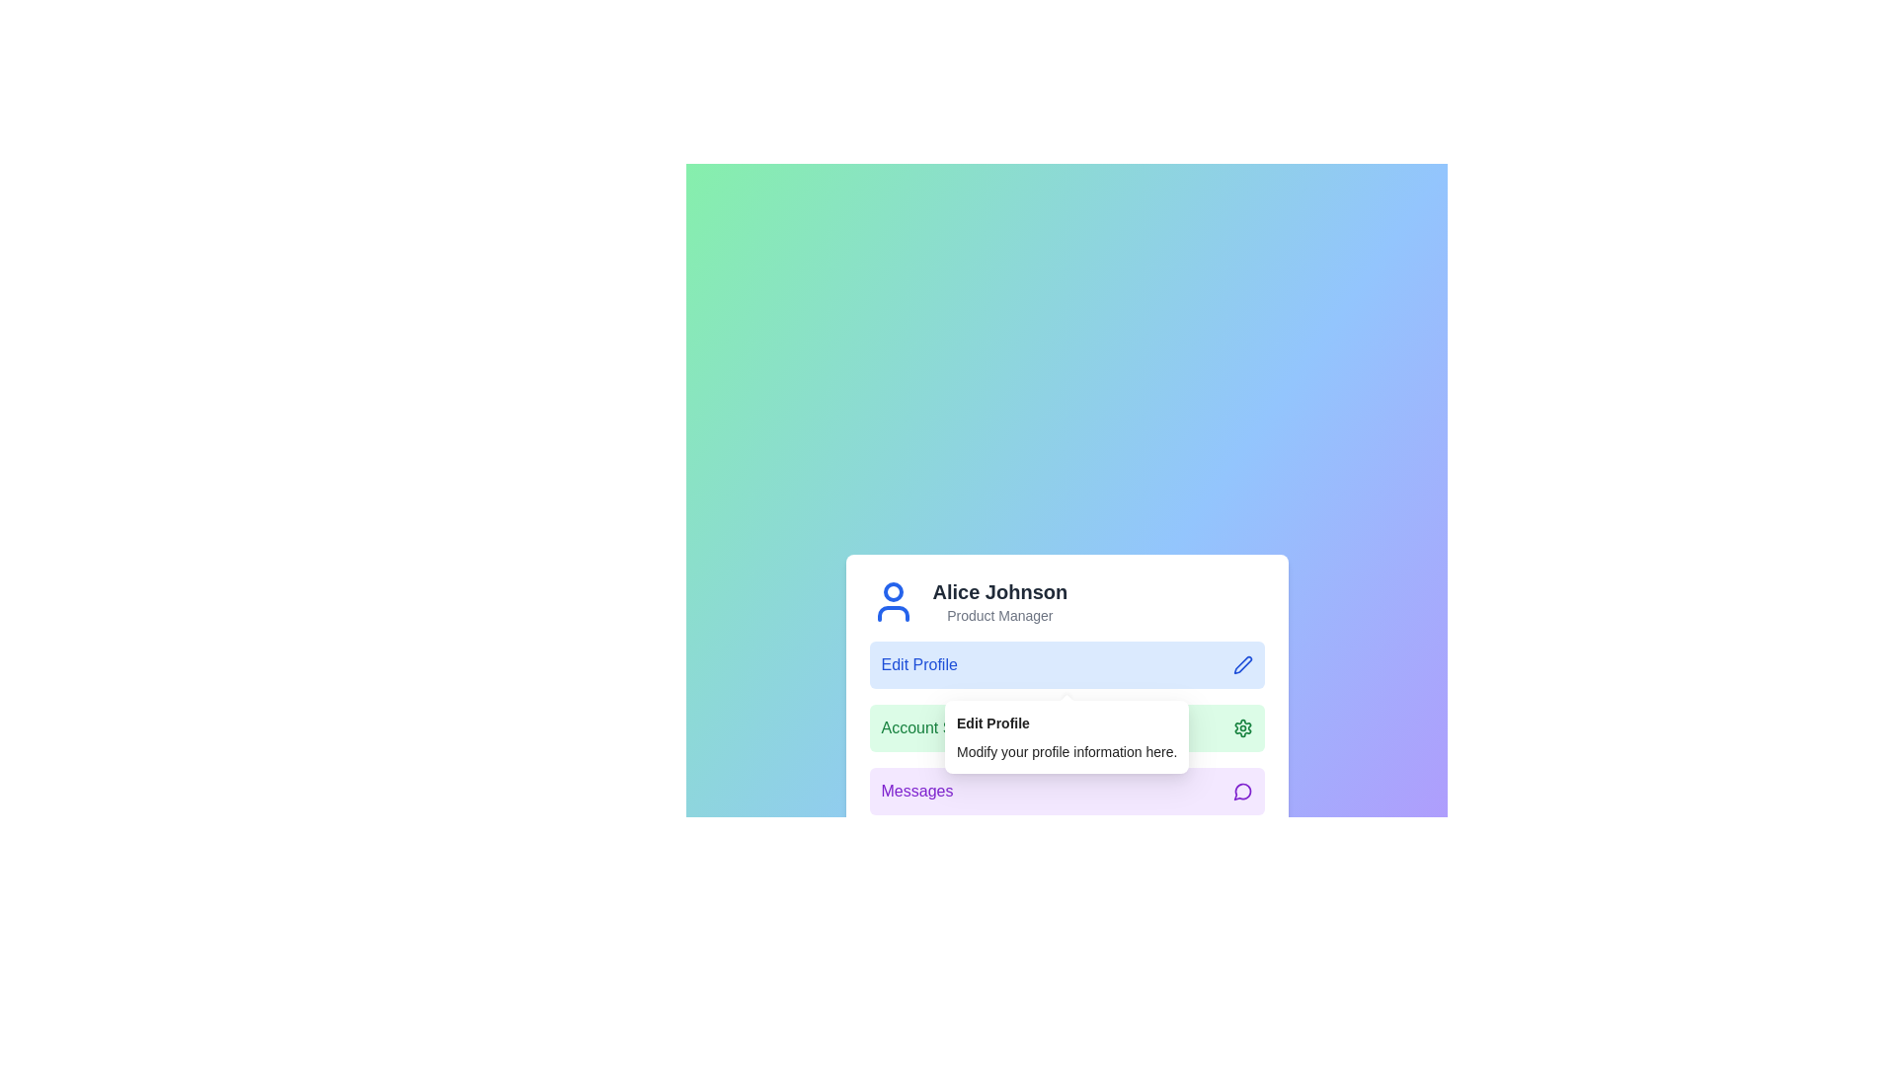 This screenshot has width=1896, height=1066. What do you see at coordinates (939, 727) in the screenshot?
I see `the 'Account Settings' text label` at bounding box center [939, 727].